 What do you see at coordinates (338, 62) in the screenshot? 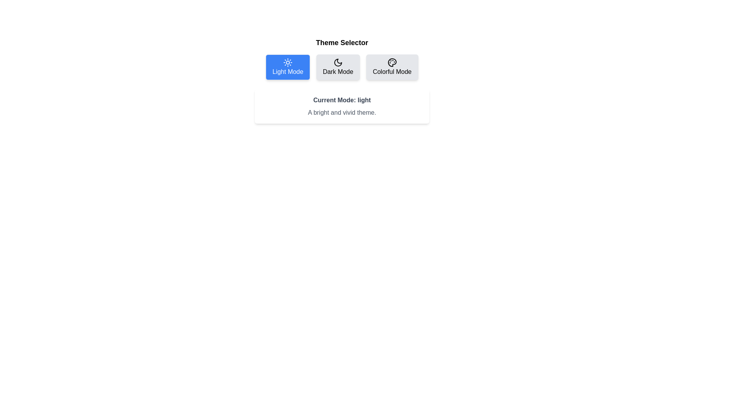
I see `the 'Dark Mode' icon located above the 'Dark Mode' text label in the 'Theme Selector' section` at bounding box center [338, 62].